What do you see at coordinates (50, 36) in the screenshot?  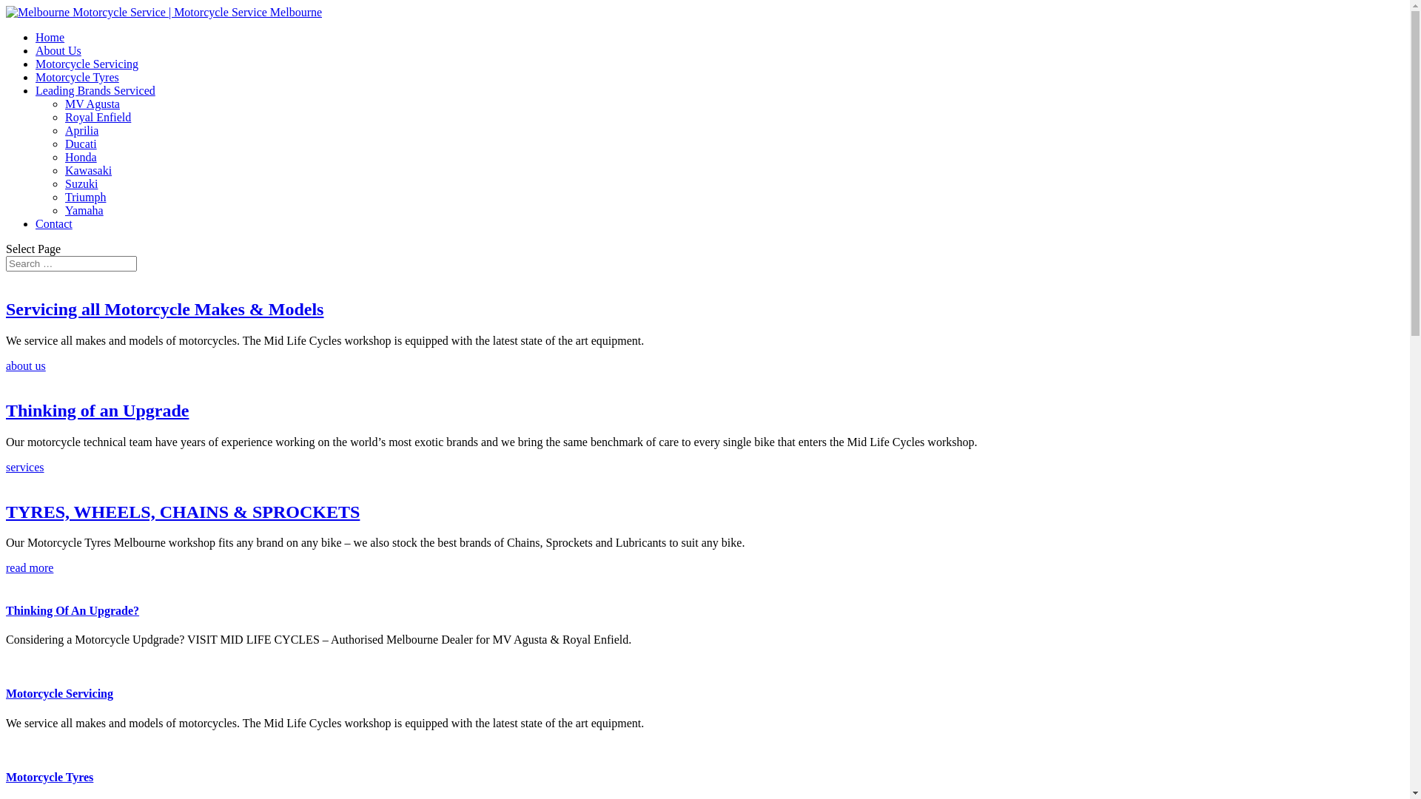 I see `'Home'` at bounding box center [50, 36].